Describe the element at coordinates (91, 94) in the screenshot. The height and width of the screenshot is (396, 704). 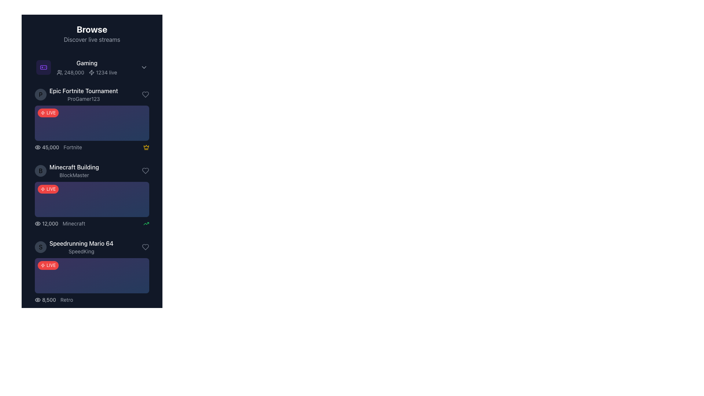
I see `the second list item representing a clickable item for accessing details about the live Fortnite tournament hosted by ProGamer123` at that location.